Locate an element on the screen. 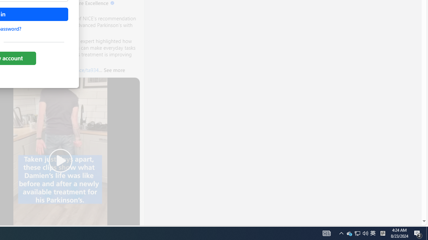 This screenshot has width=428, height=240. 'Notification Chevron' is located at coordinates (341, 233).